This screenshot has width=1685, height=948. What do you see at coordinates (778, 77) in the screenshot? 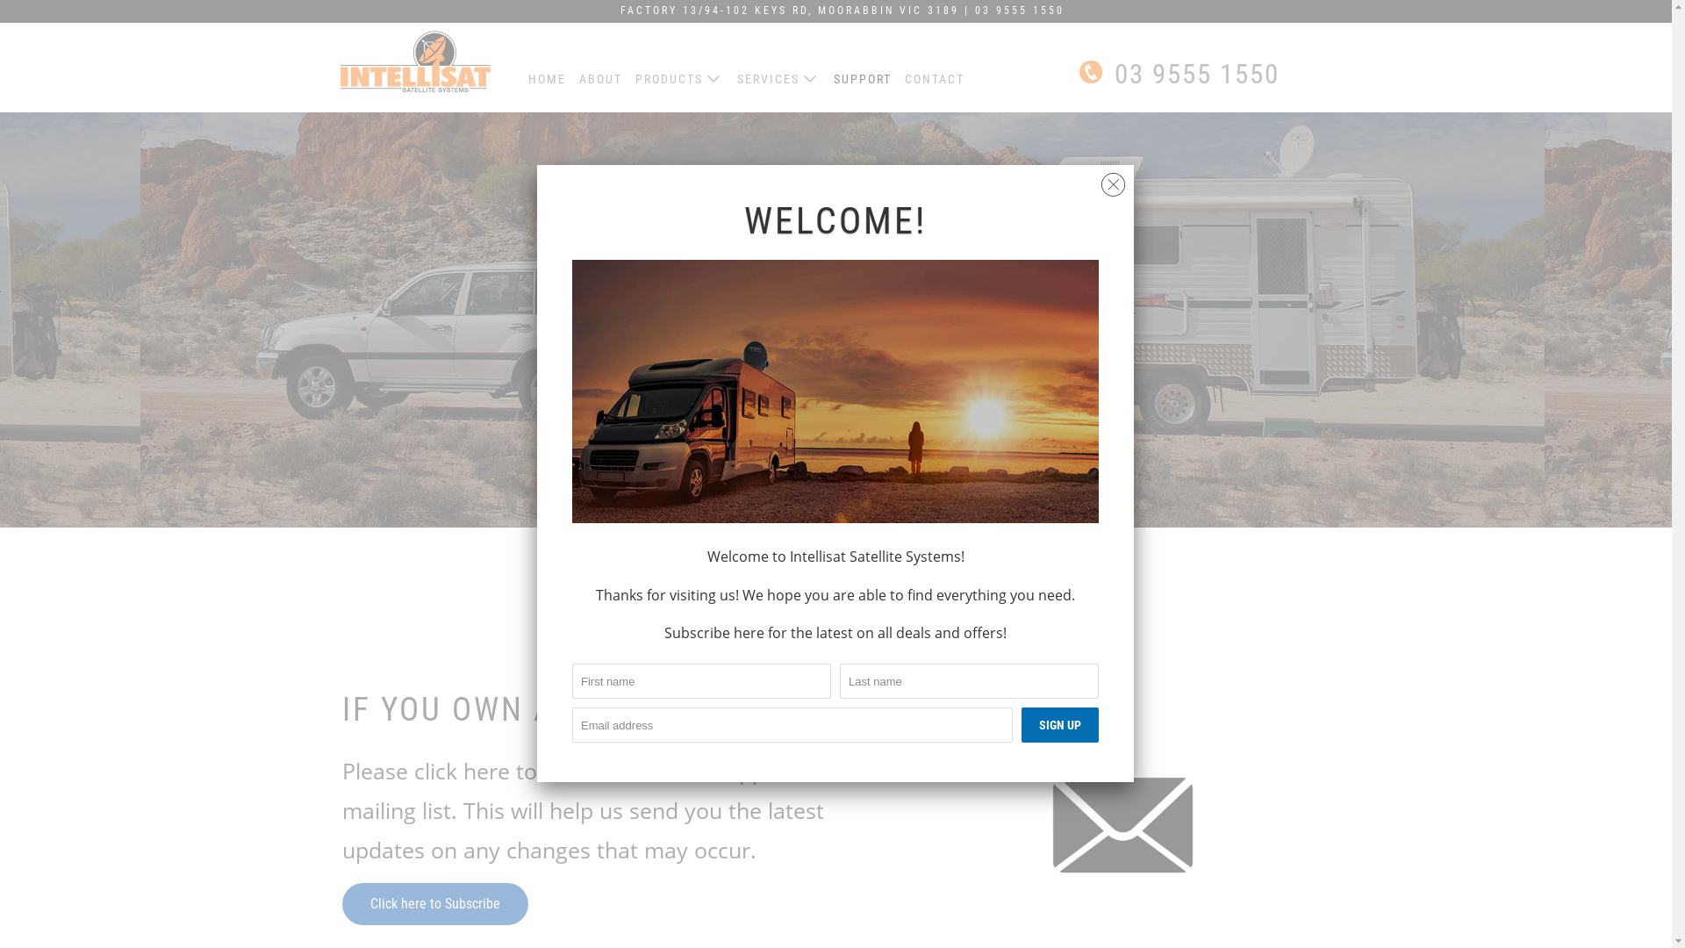
I see `'SERVICES'` at bounding box center [778, 77].